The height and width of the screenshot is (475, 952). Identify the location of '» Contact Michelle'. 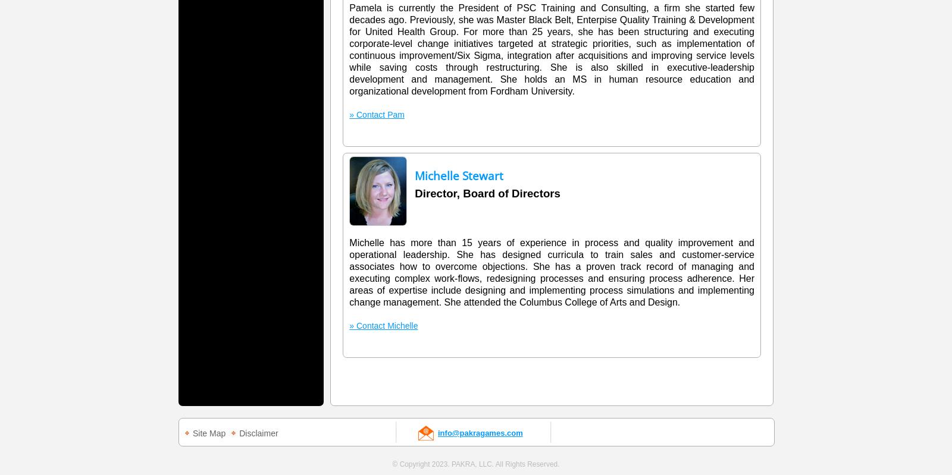
(349, 325).